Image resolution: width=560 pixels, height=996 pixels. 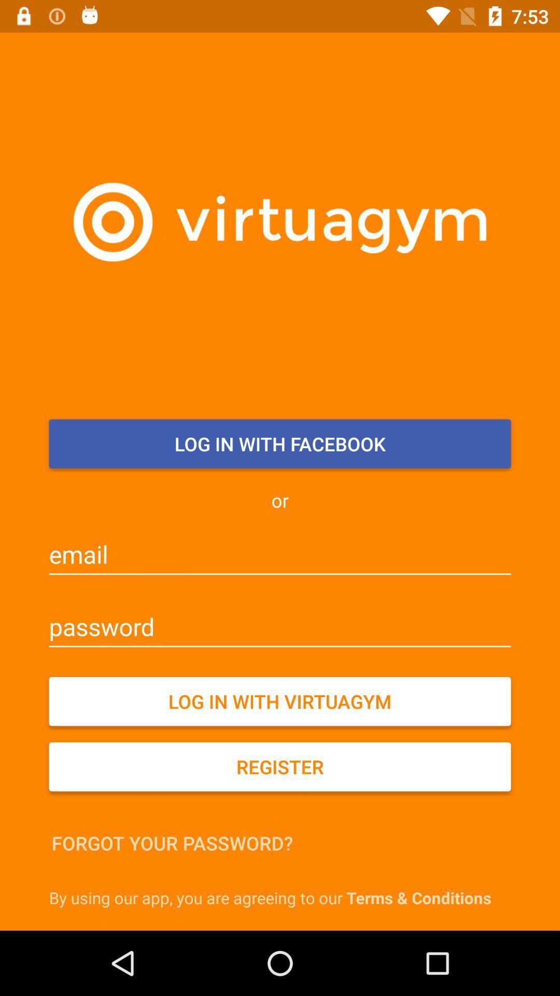 I want to click on the register item, so click(x=280, y=767).